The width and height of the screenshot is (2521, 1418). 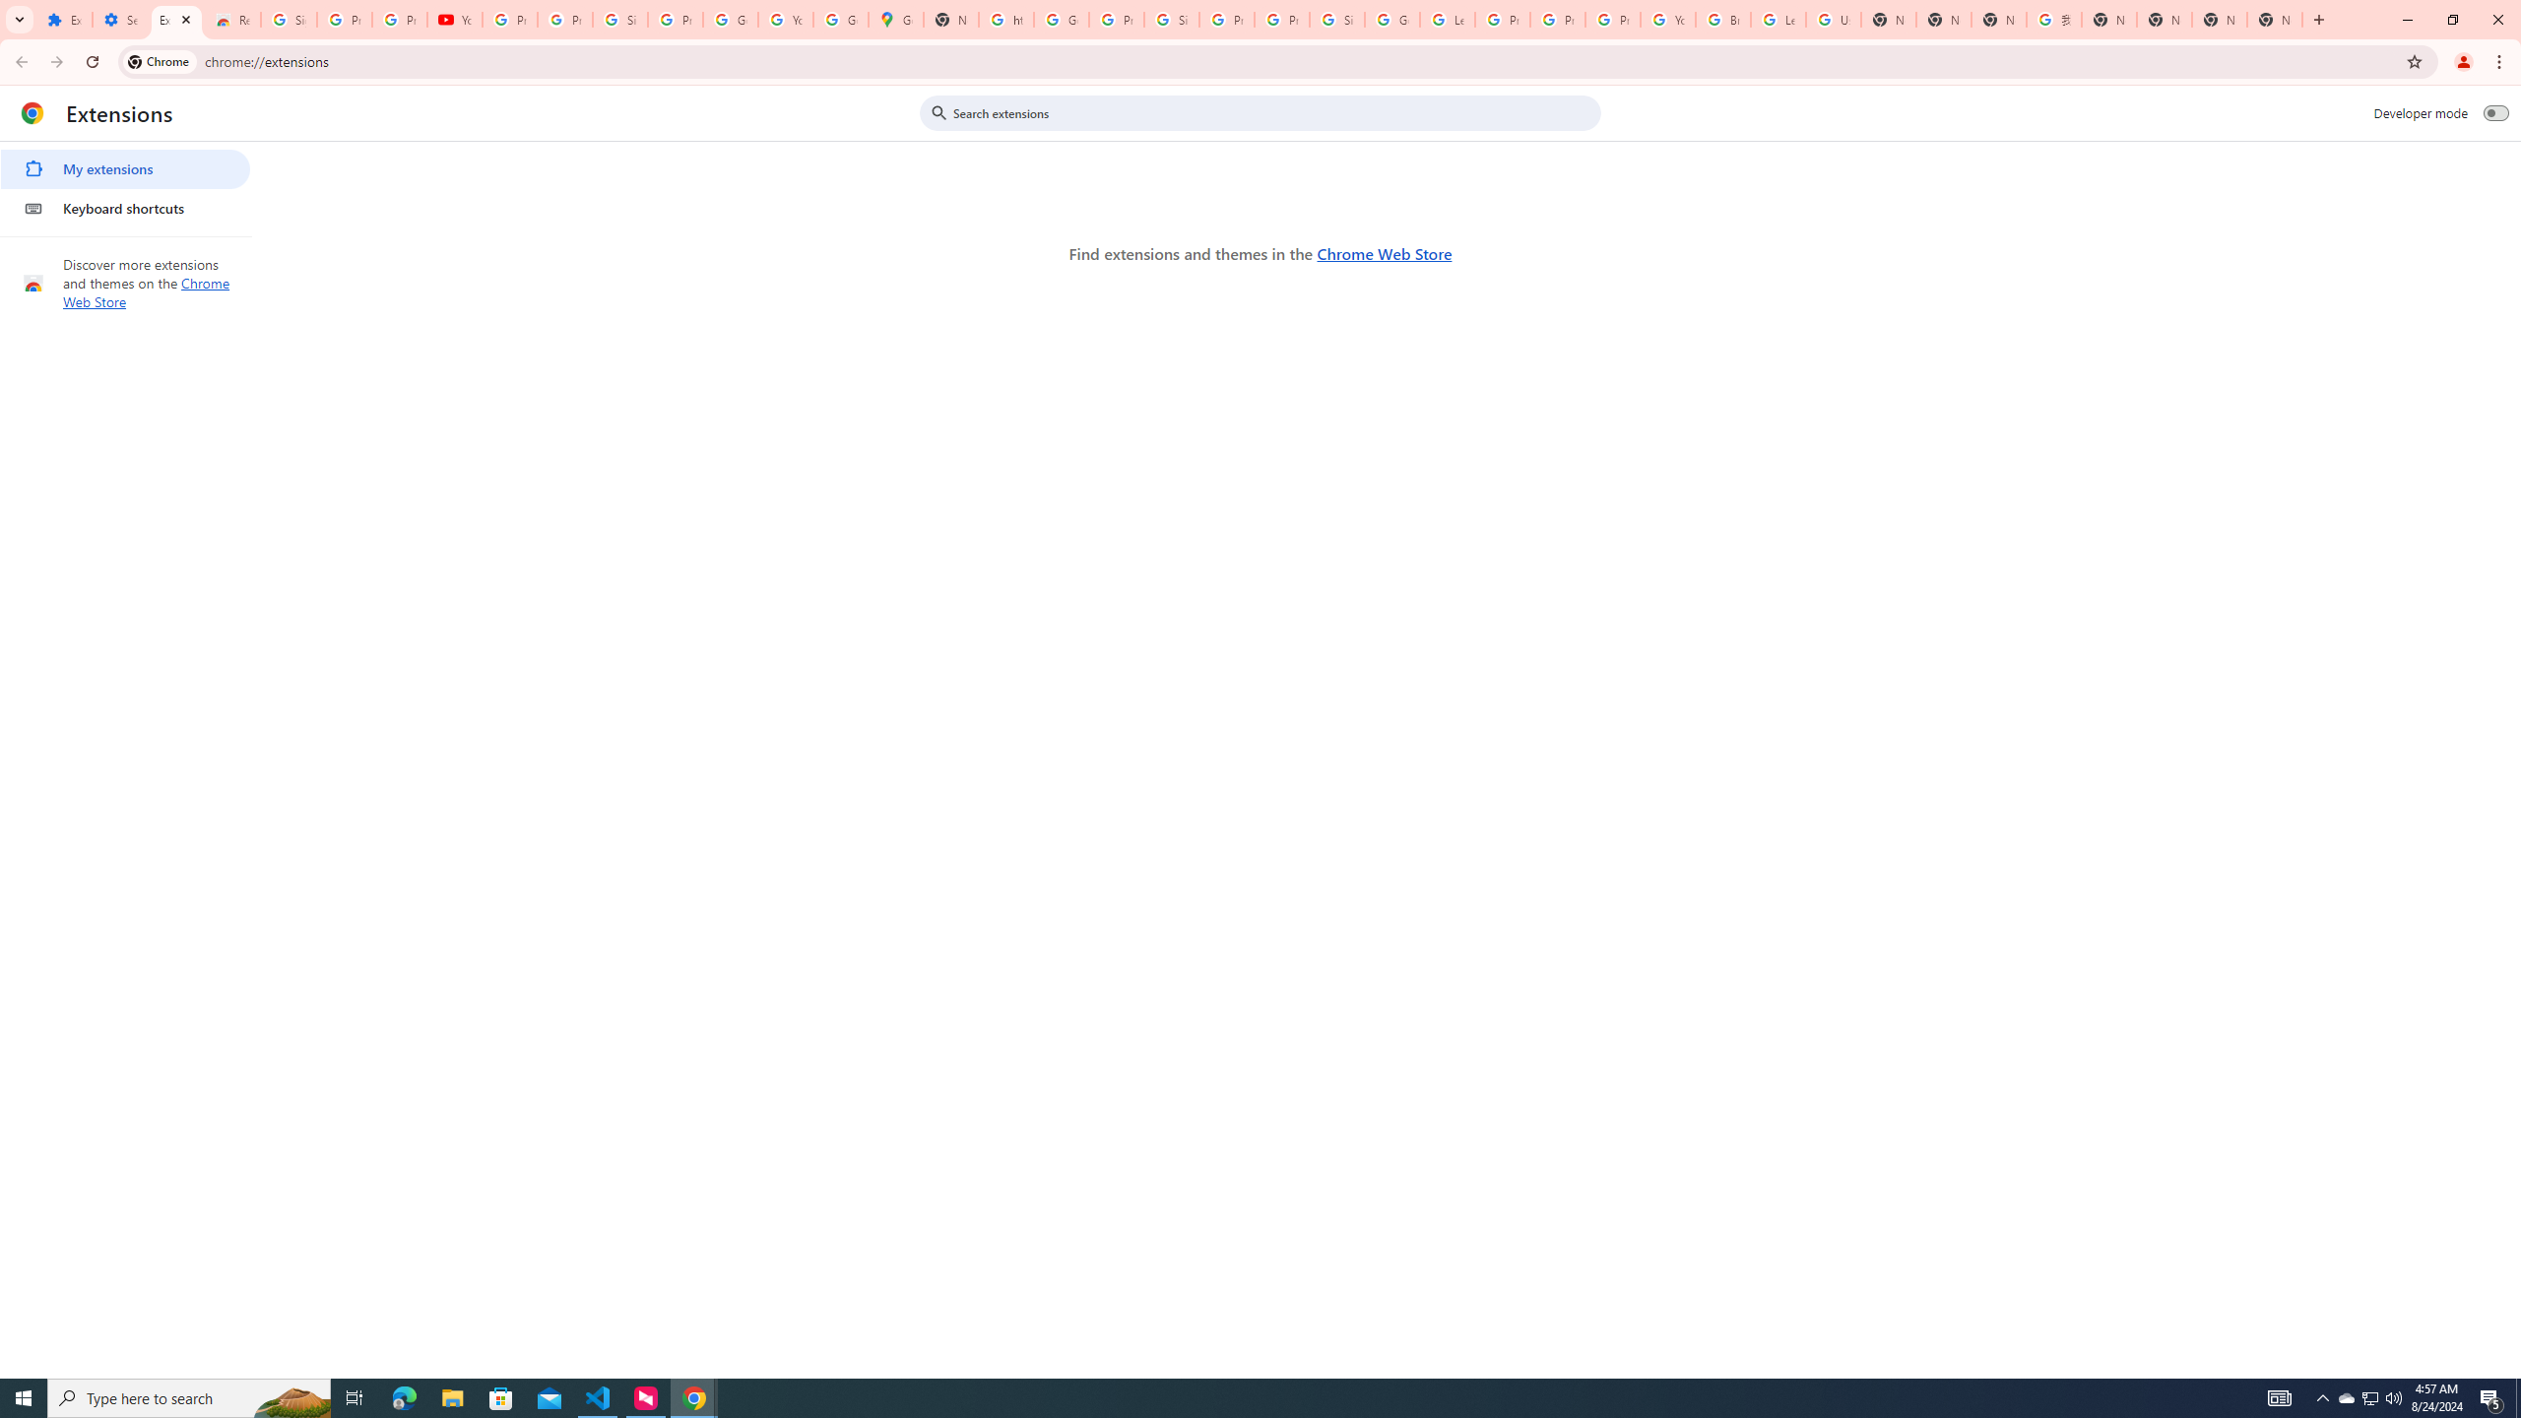 What do you see at coordinates (1384, 252) in the screenshot?
I see `'Chrome Web Store'` at bounding box center [1384, 252].